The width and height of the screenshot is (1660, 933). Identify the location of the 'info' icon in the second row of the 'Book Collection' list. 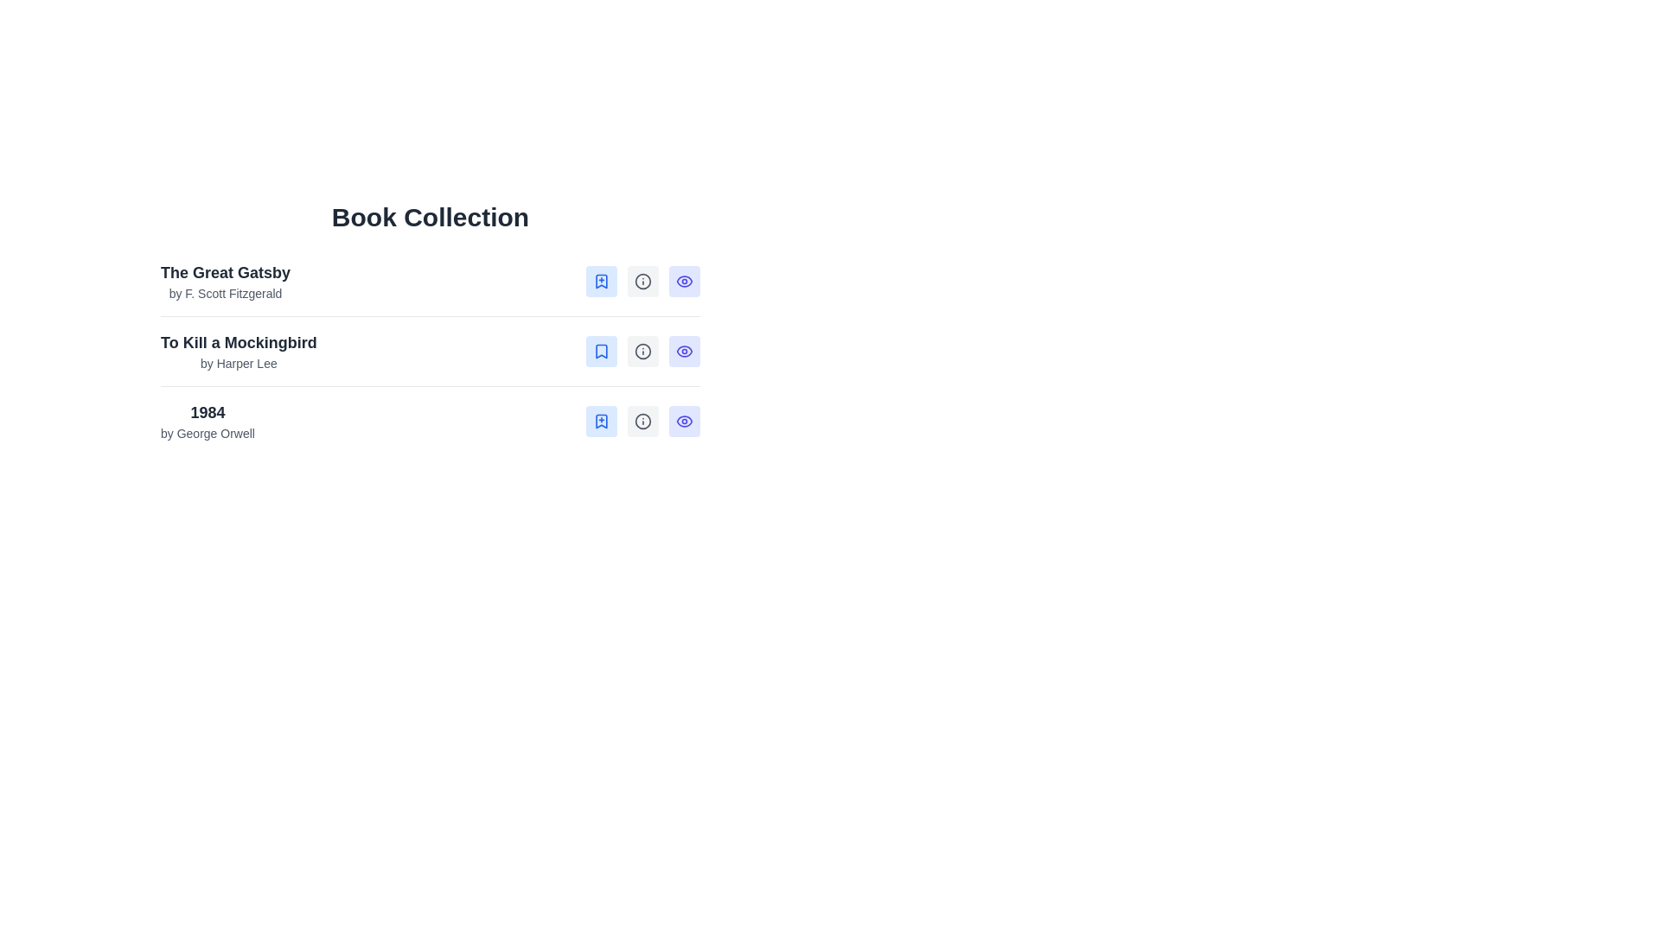
(642, 351).